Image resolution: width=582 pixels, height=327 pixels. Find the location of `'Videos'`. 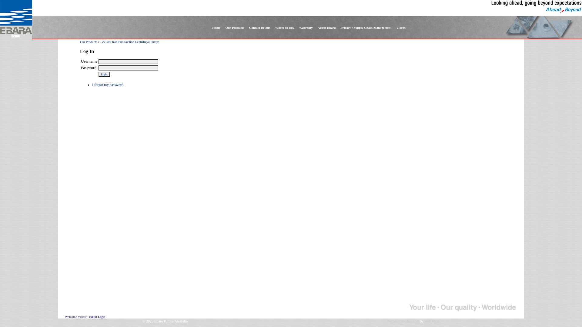

'Videos' is located at coordinates (400, 28).